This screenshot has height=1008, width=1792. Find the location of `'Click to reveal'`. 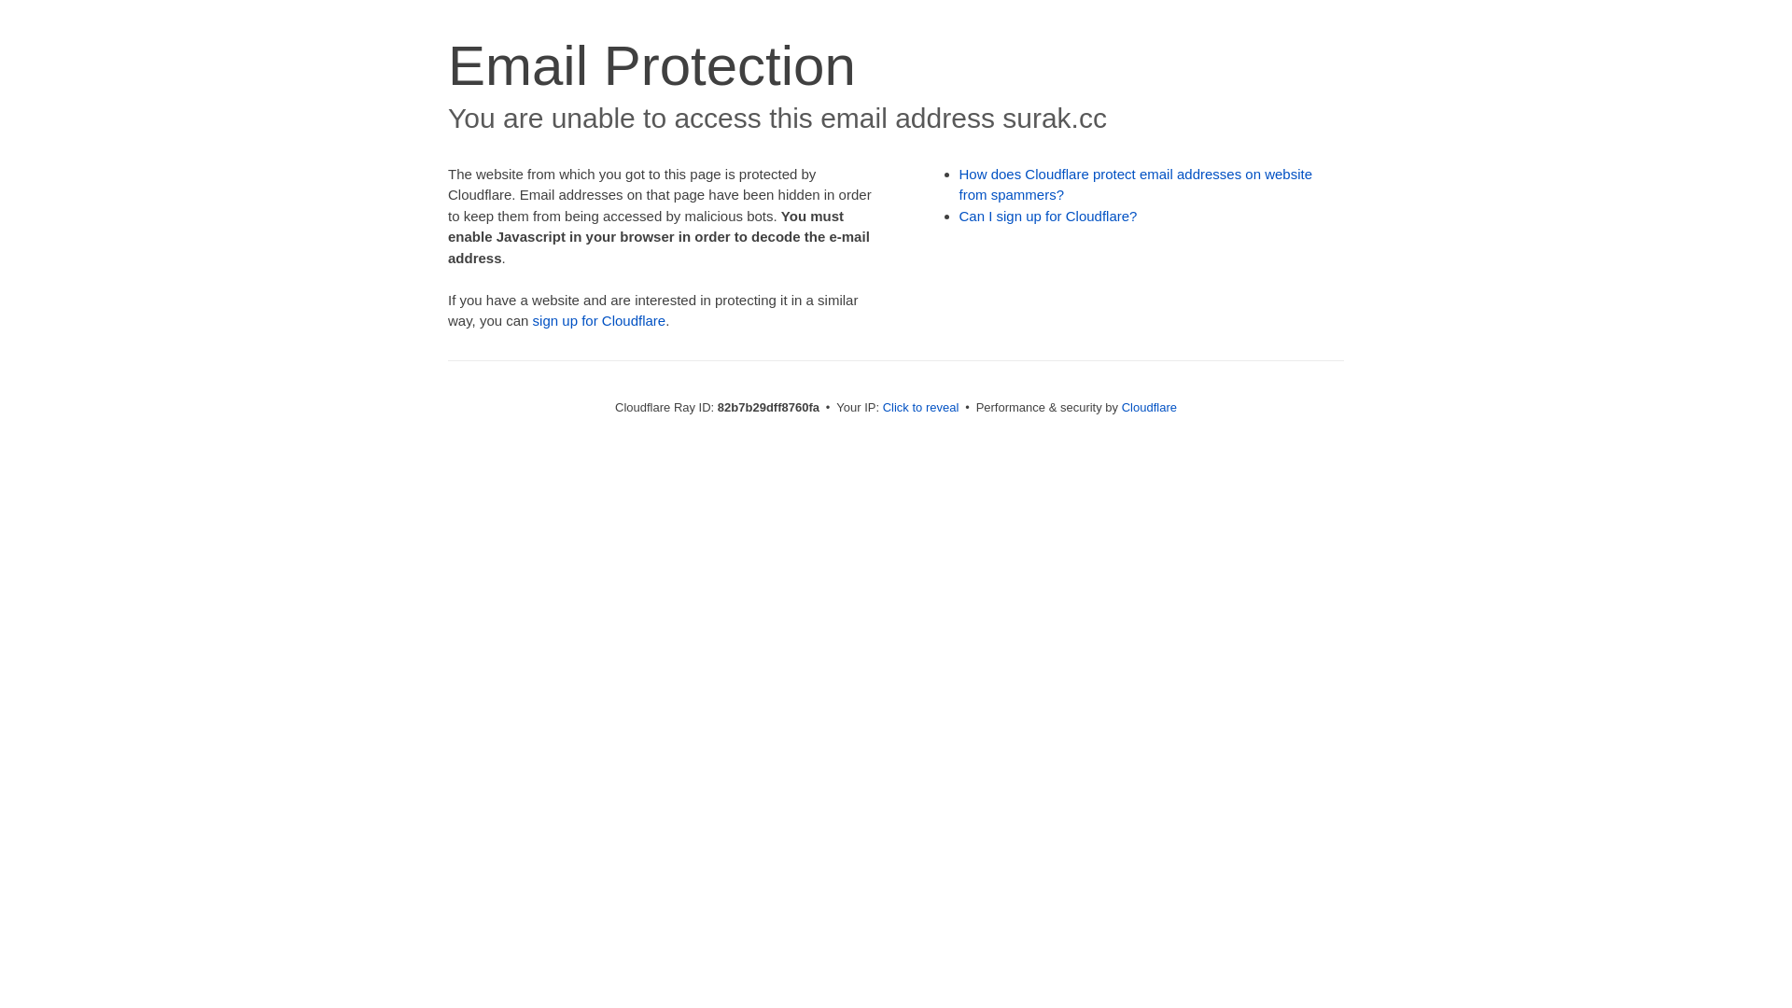

'Click to reveal' is located at coordinates (921, 406).